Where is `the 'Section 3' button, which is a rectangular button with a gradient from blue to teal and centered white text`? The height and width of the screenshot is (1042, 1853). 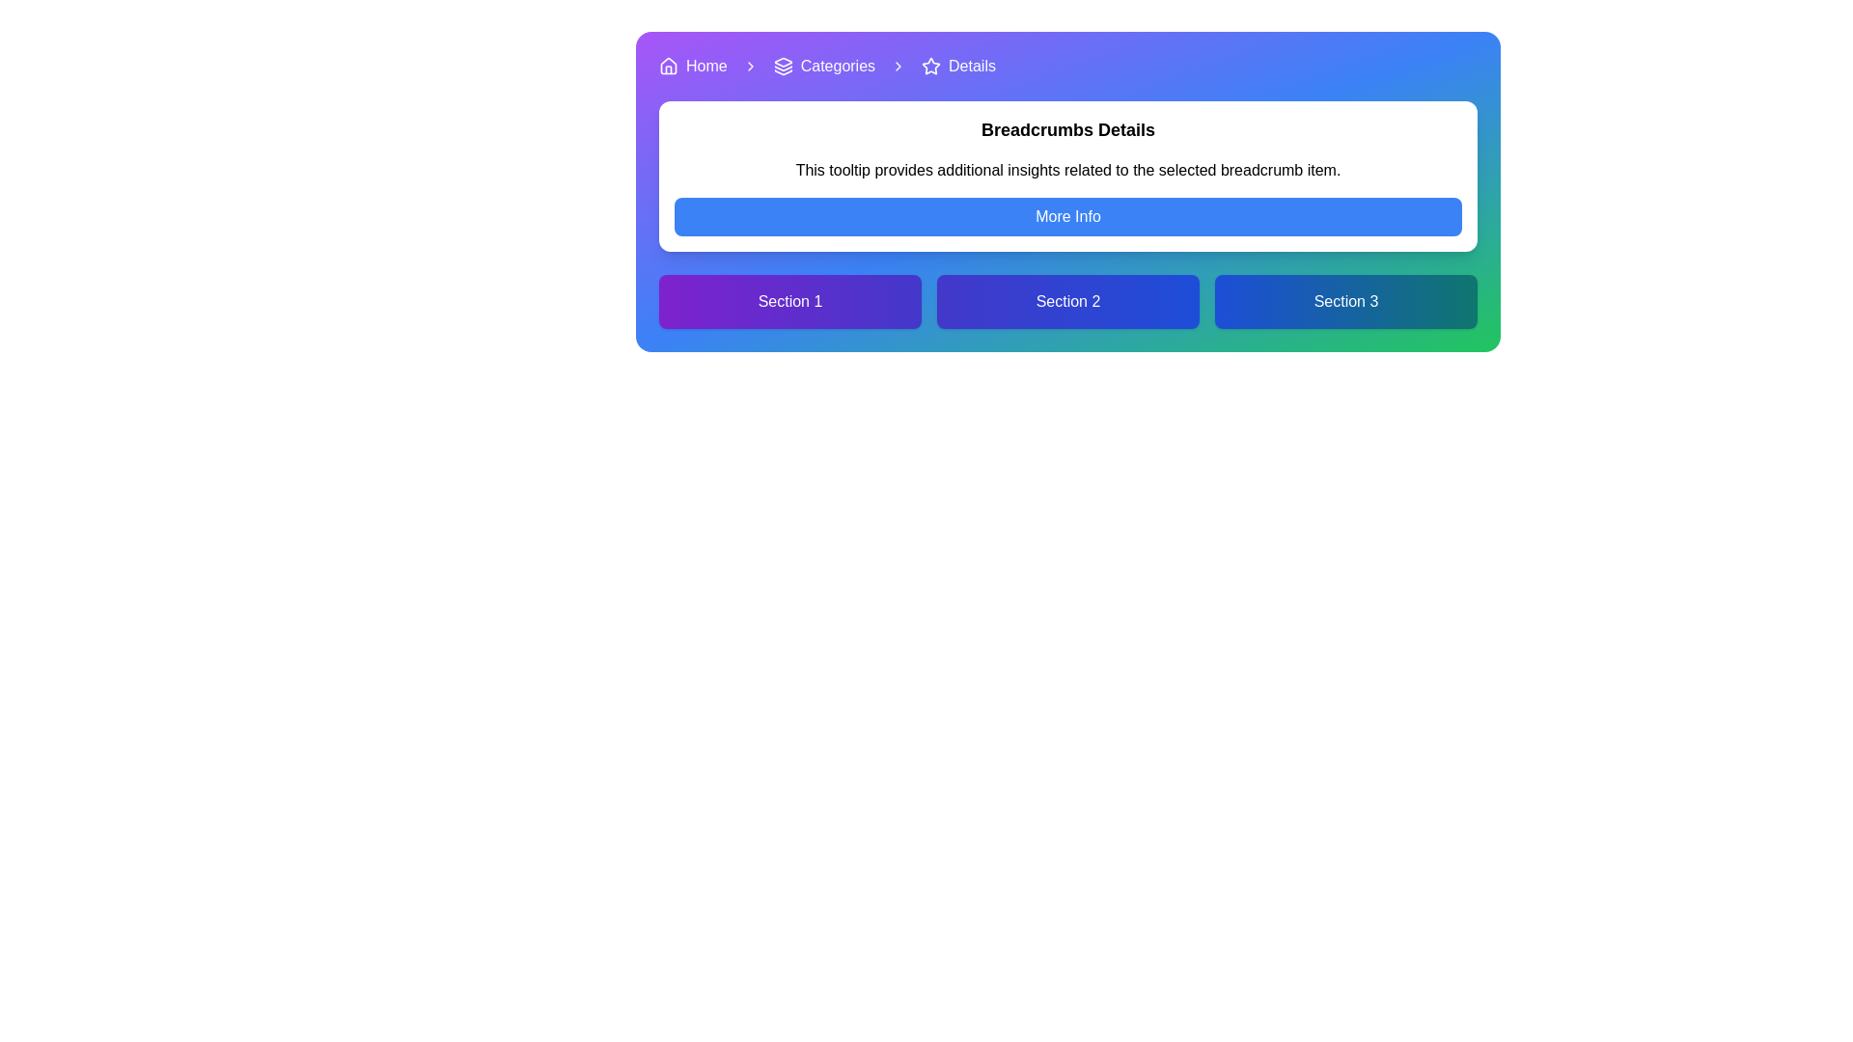
the 'Section 3' button, which is a rectangular button with a gradient from blue to teal and centered white text is located at coordinates (1345, 301).